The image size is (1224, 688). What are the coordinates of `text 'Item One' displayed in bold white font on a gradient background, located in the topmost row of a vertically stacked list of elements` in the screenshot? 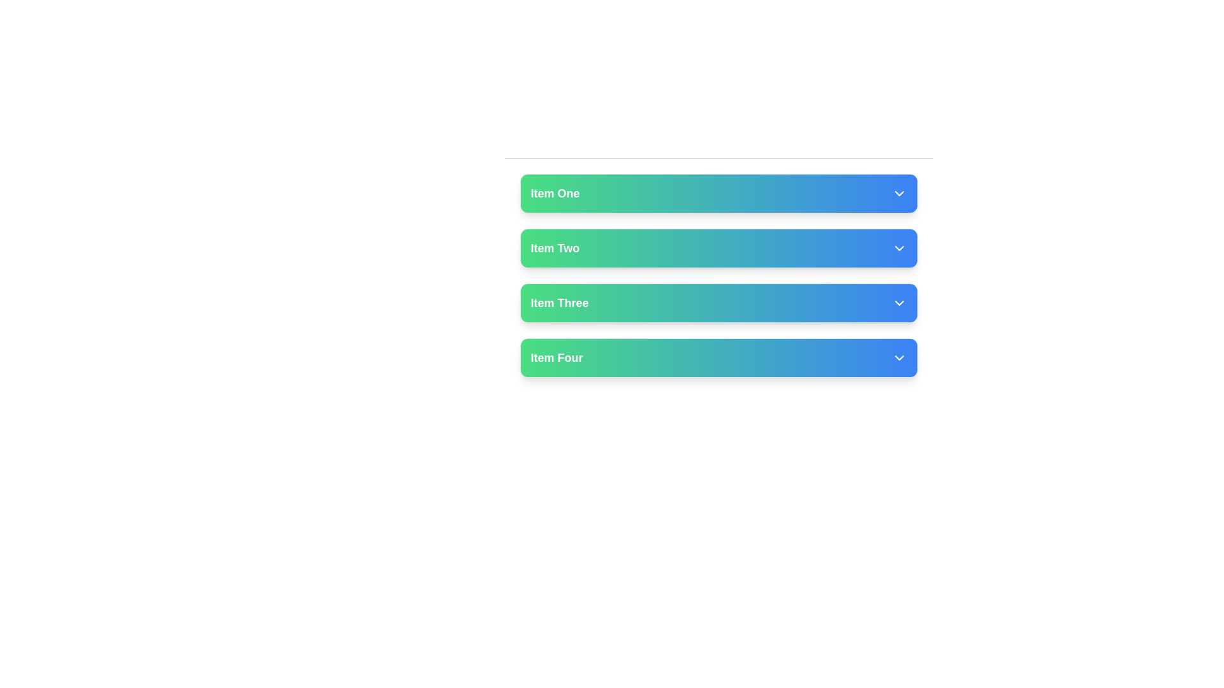 It's located at (555, 194).